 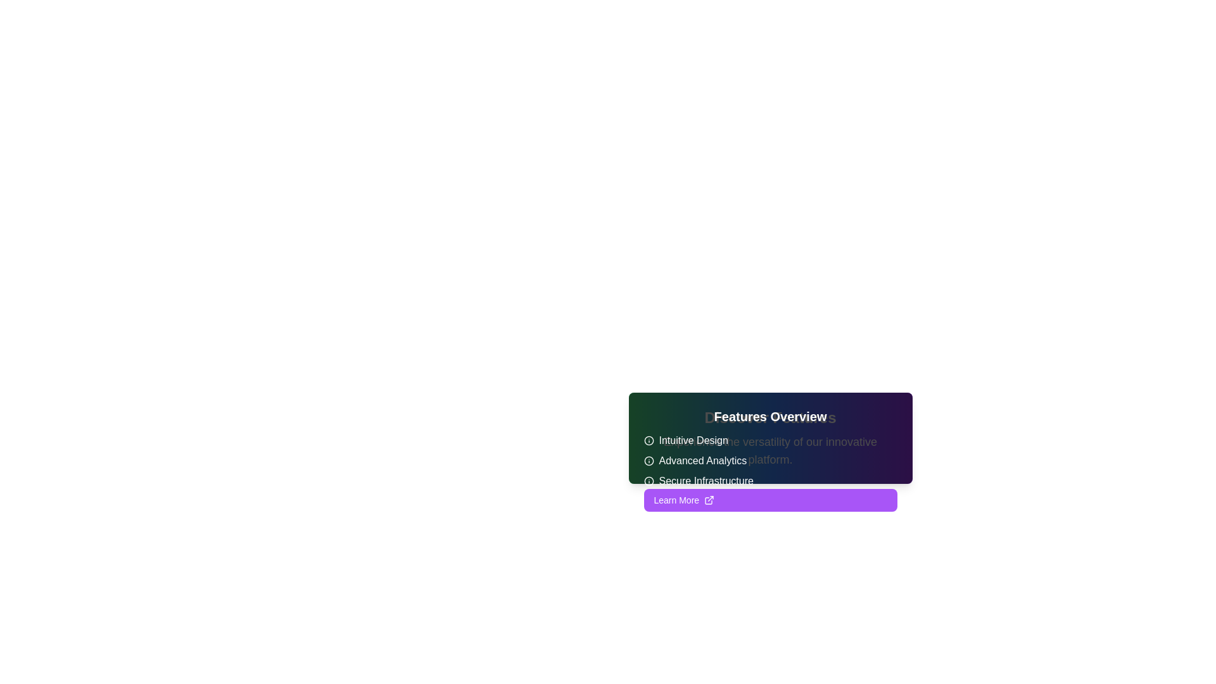 I want to click on descriptive text from the list of features under the heading 'Features Overview', which provides concise descriptions of each feature related to the product or service, so click(x=769, y=461).